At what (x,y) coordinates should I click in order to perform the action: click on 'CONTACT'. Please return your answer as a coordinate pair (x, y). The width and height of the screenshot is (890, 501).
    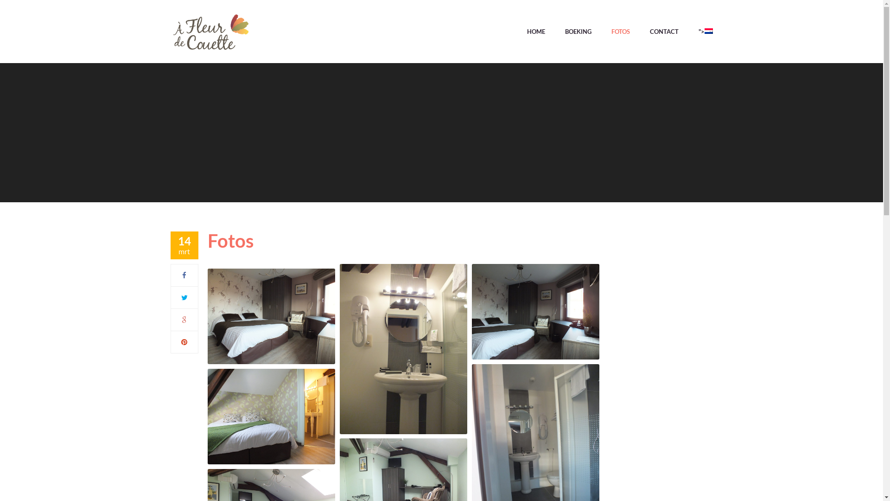
    Looking at the image, I should click on (664, 33).